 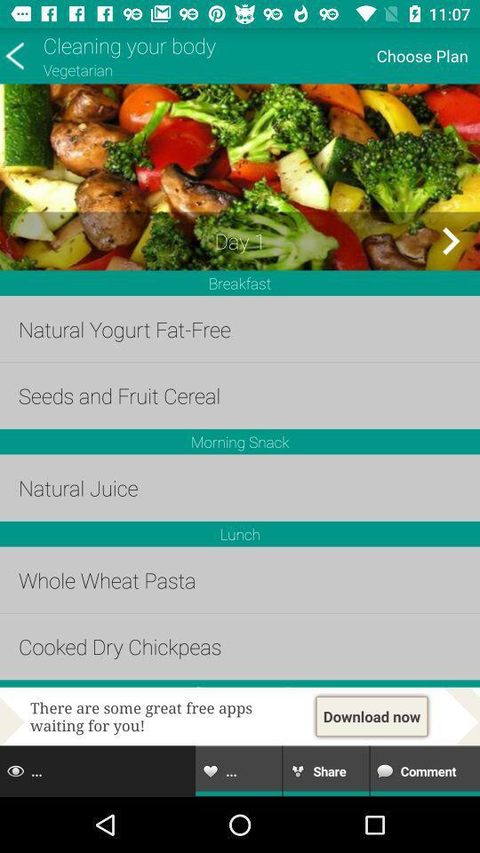 What do you see at coordinates (451, 240) in the screenshot?
I see `day 2` at bounding box center [451, 240].